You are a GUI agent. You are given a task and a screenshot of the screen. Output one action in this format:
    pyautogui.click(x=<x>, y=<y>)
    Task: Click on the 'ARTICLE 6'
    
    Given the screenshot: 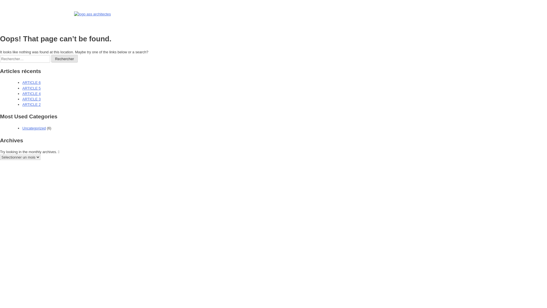 What is the action you would take?
    pyautogui.click(x=31, y=82)
    